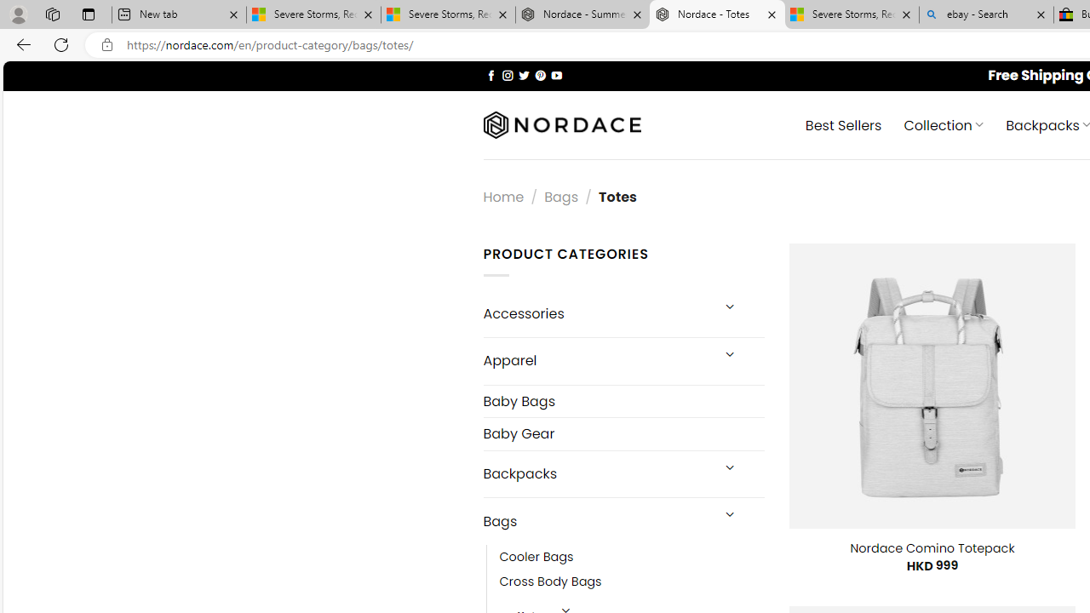  What do you see at coordinates (490, 74) in the screenshot?
I see `'Follow on Facebook'` at bounding box center [490, 74].